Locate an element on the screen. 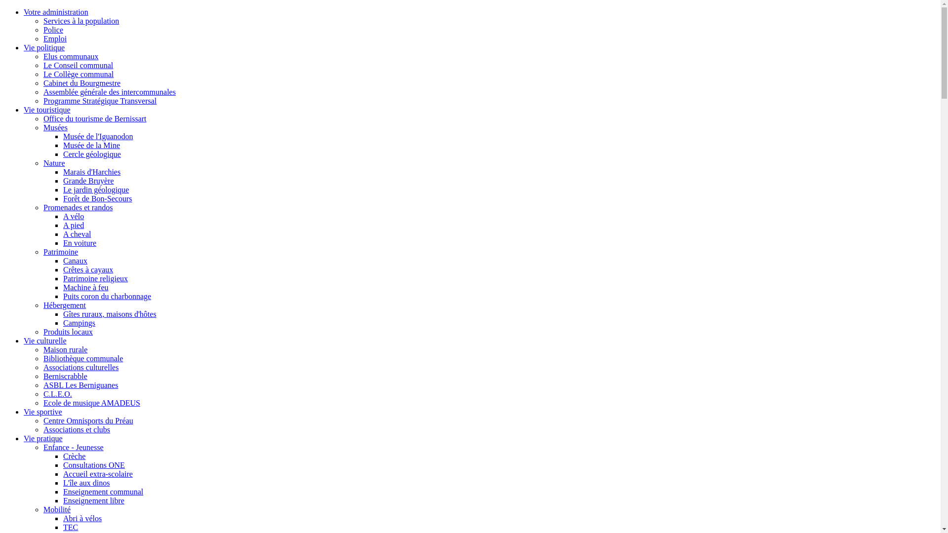  'Police' is located at coordinates (52, 29).